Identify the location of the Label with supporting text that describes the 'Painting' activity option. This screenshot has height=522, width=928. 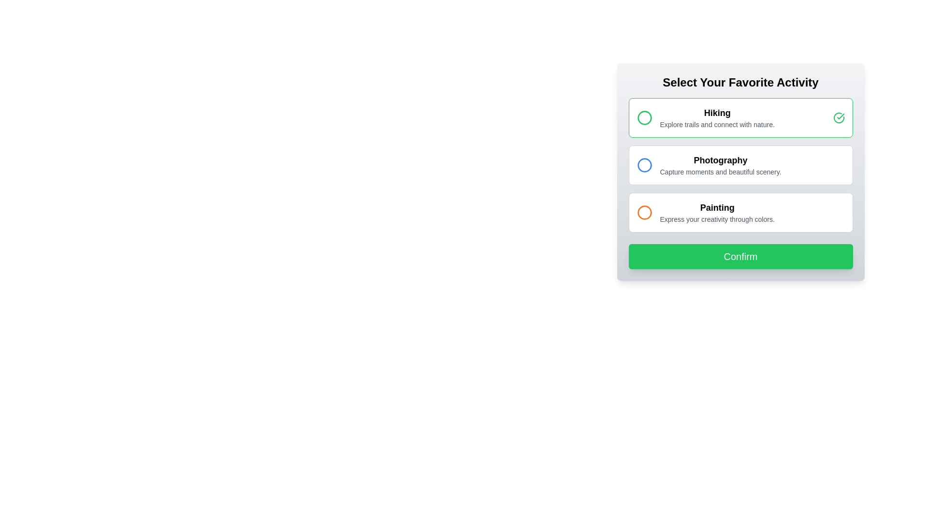
(717, 212).